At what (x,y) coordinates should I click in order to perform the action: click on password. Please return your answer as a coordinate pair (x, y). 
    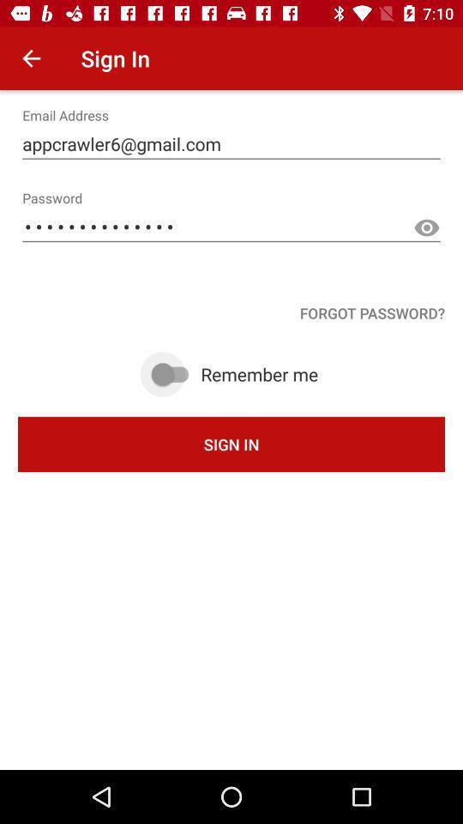
    Looking at the image, I should click on (425, 227).